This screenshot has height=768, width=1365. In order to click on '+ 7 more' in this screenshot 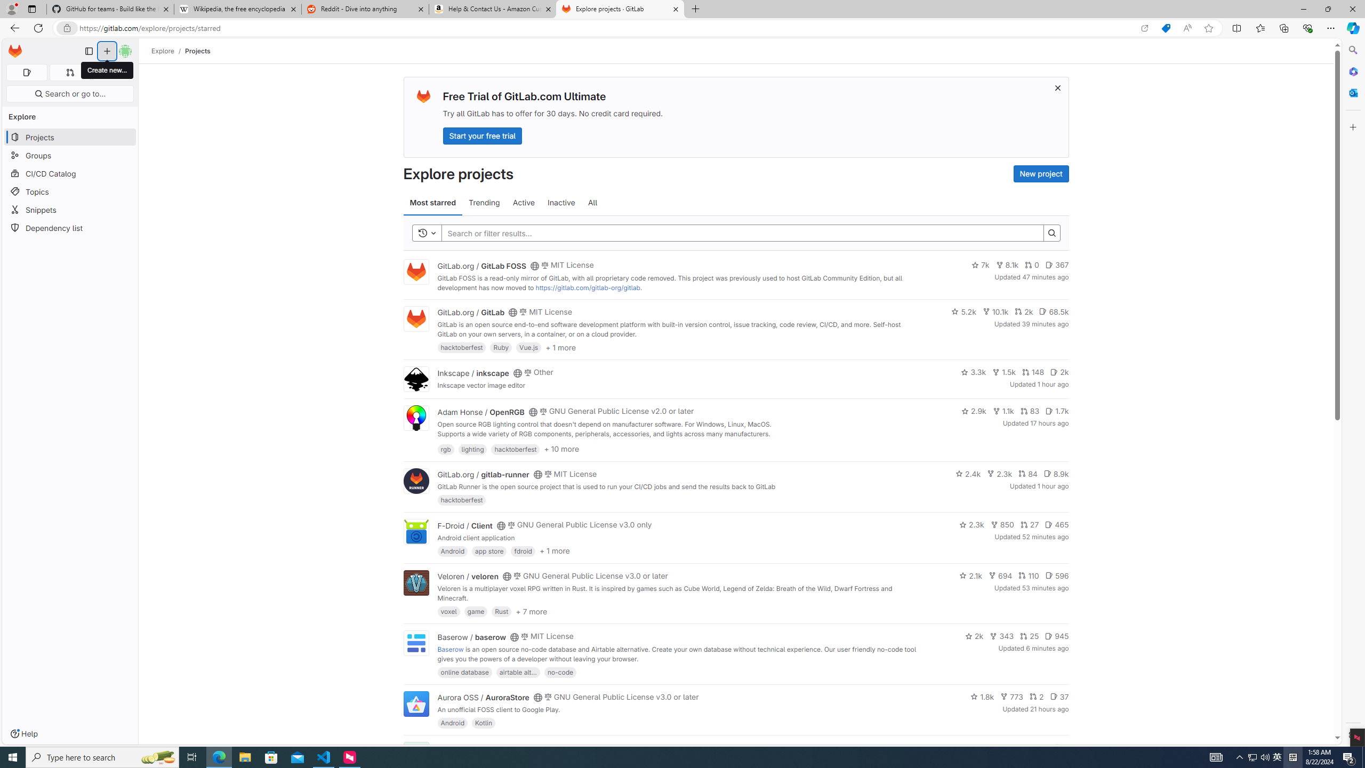, I will do `click(531, 611)`.